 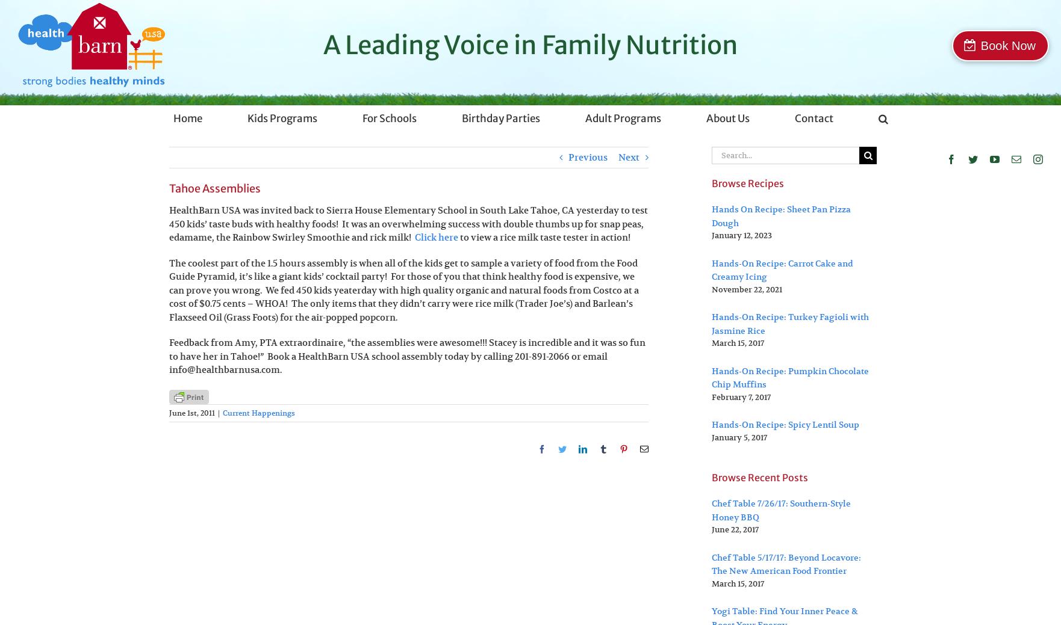 I want to click on 'Tahoe Assemblies', so click(x=214, y=188).